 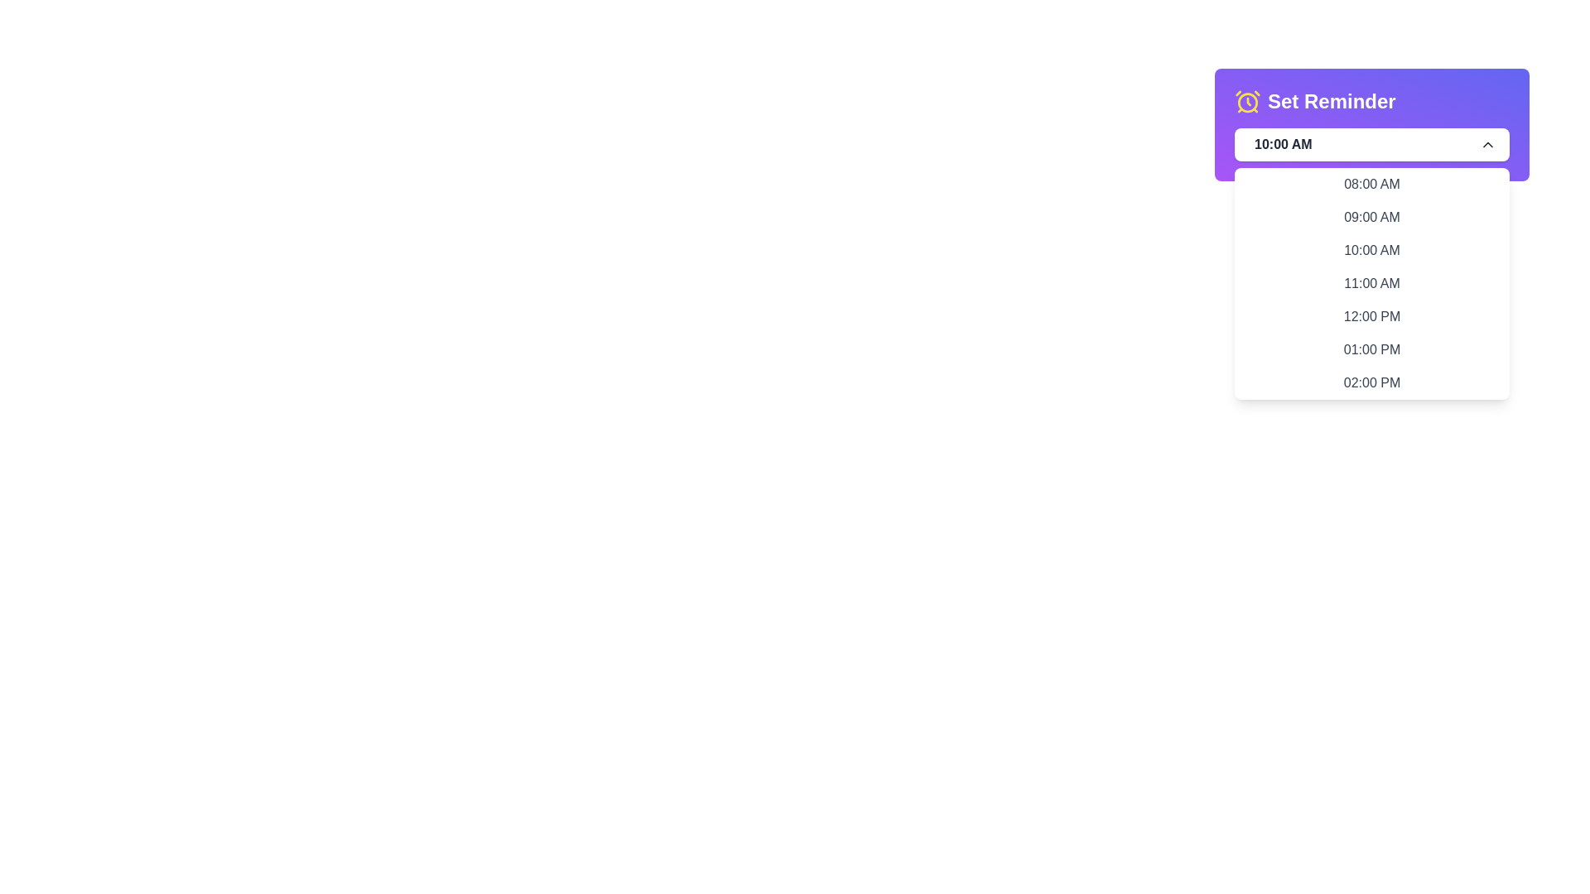 I want to click on the list item displaying the time '11:00 AM' in the dropdown menu, so click(x=1371, y=283).